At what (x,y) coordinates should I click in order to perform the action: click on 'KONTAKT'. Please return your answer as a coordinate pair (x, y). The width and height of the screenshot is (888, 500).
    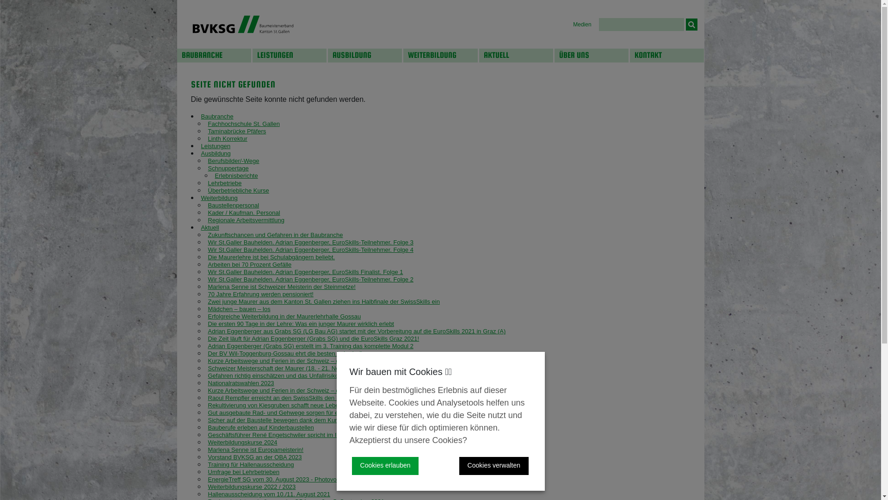
    Looking at the image, I should click on (666, 55).